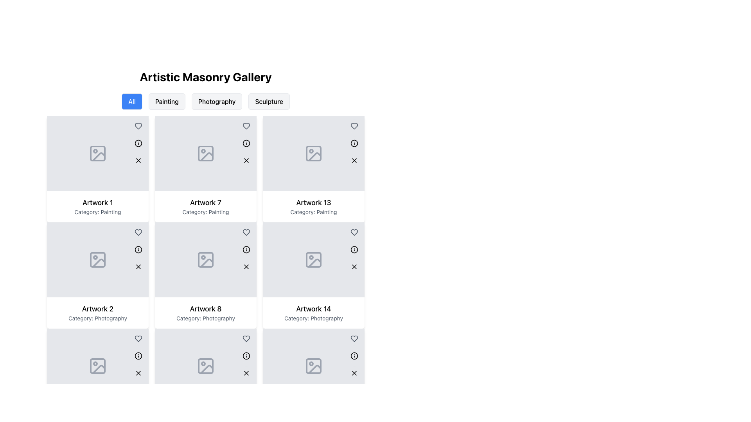 The image size is (751, 422). I want to click on the small rectangular graphical decoration located inside the image icon under the 'Artwork 8' tile in the gallery grid, so click(206, 259).